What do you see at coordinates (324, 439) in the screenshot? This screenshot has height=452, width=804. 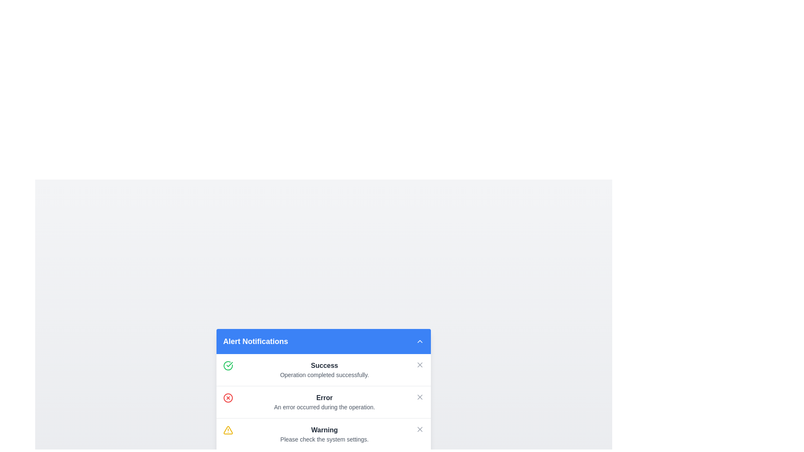 I see `the text element that contains 'Please check the system settings.' styled with a small, gray font located under the 'Warning' header in the 'Alert Notifications' panel` at bounding box center [324, 439].